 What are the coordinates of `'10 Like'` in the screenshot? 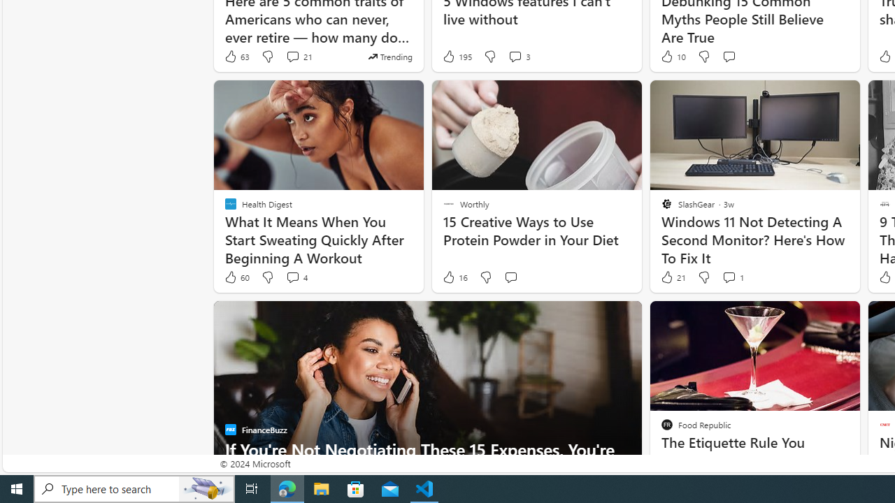 It's located at (672, 56).